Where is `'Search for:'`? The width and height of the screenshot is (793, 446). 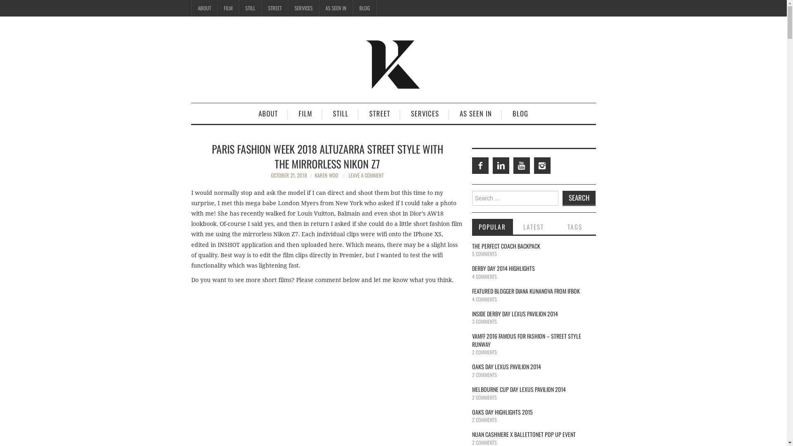
'Search for:' is located at coordinates (514, 198).